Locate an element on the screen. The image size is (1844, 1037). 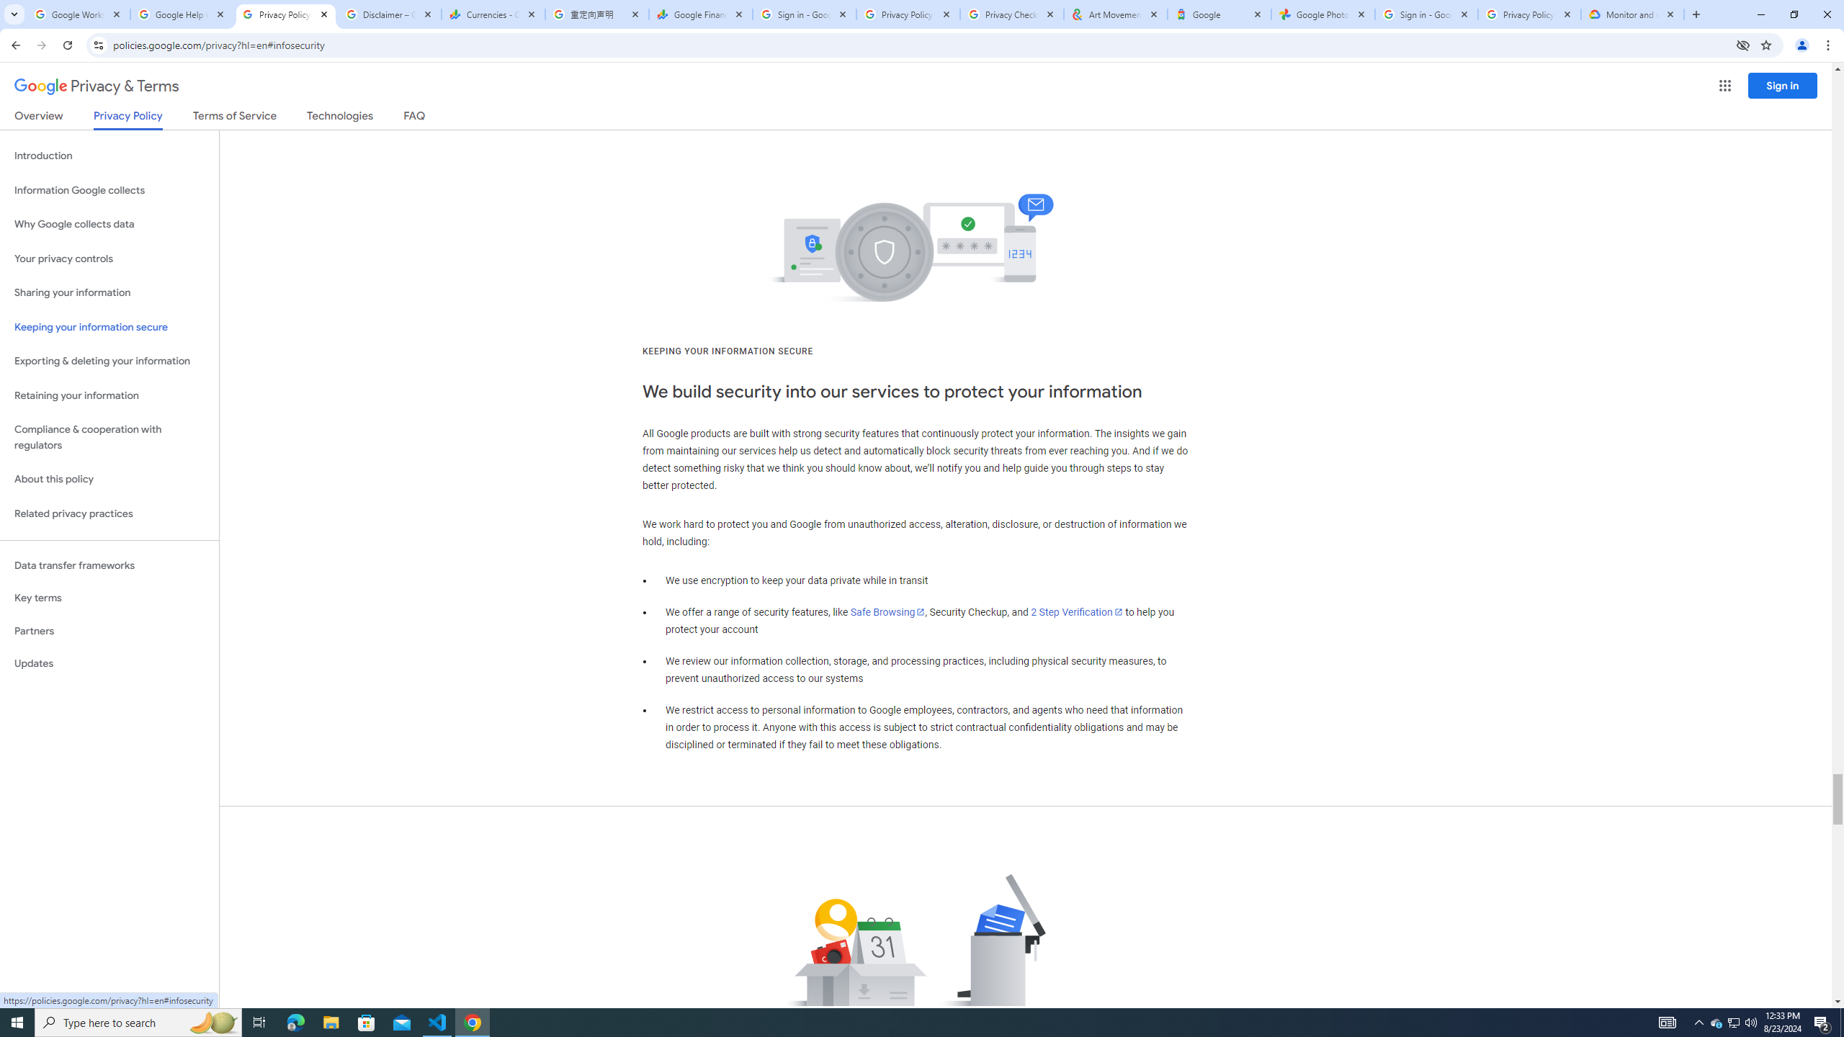
'Data transfer frameworks' is located at coordinates (109, 565).